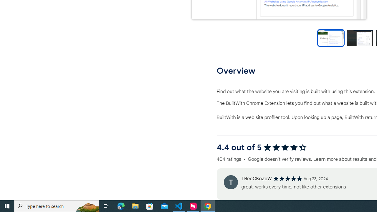 The image size is (377, 212). What do you see at coordinates (331, 38) in the screenshot?
I see `'Preview slide 1'` at bounding box center [331, 38].